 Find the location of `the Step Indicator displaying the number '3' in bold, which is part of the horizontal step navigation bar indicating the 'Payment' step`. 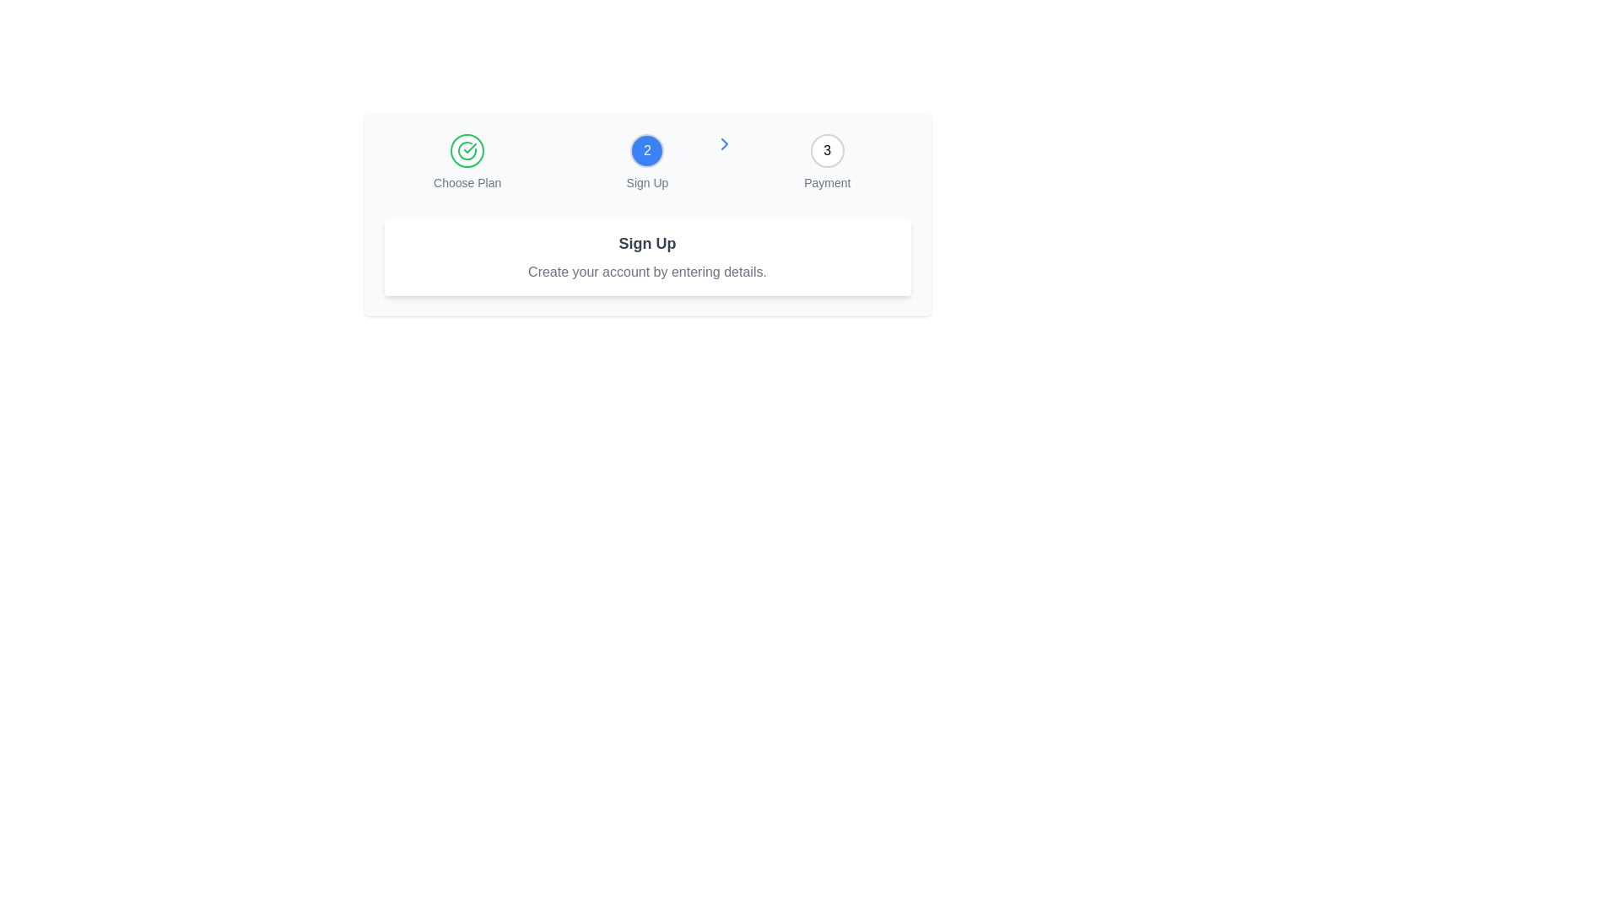

the Step Indicator displaying the number '3' in bold, which is part of the horizontal step navigation bar indicating the 'Payment' step is located at coordinates (827, 149).